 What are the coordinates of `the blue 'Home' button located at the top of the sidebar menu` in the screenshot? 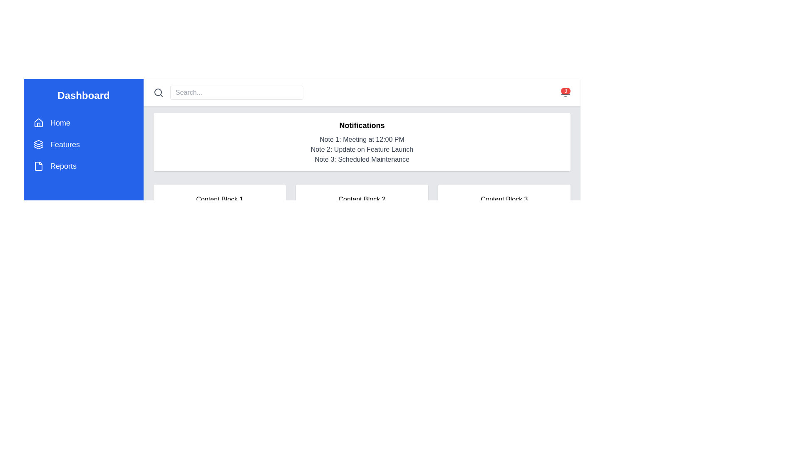 It's located at (84, 123).